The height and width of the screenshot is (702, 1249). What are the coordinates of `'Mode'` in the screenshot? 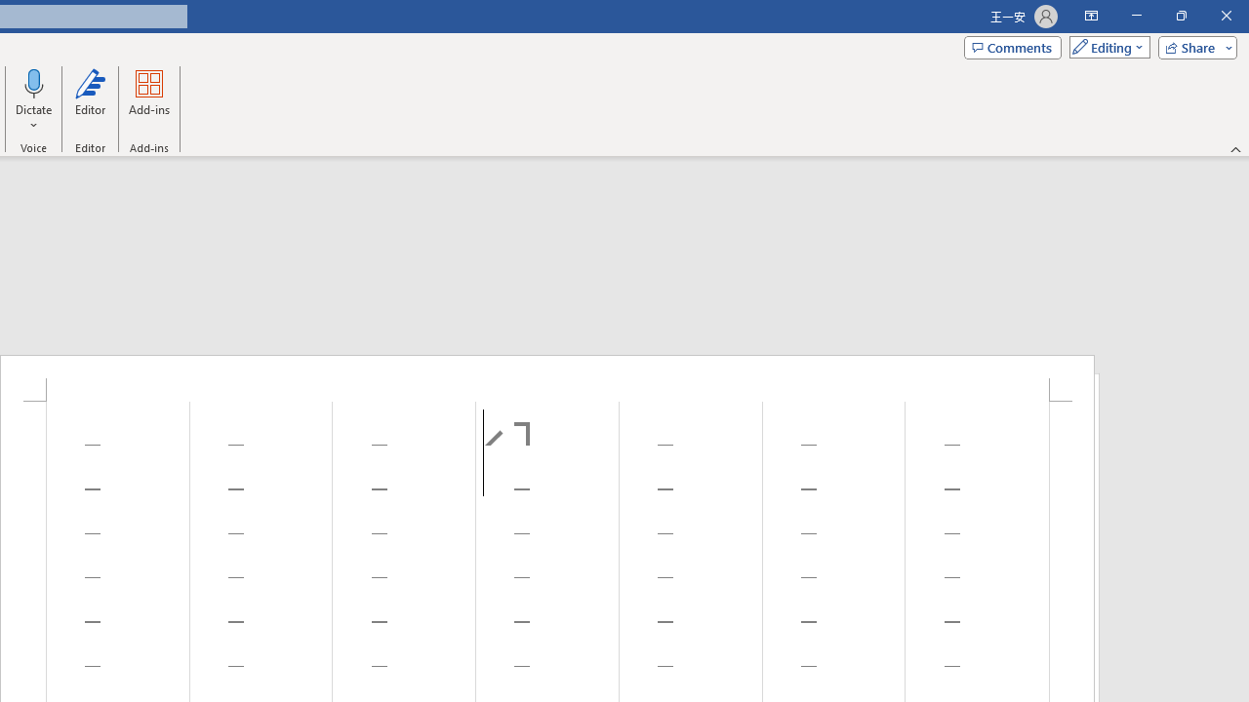 It's located at (1106, 46).